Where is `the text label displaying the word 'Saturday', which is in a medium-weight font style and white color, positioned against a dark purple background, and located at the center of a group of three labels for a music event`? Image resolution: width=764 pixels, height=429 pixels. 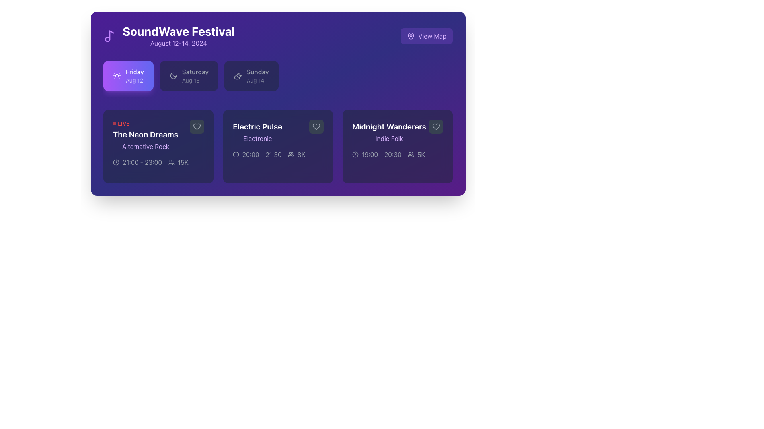 the text label displaying the word 'Saturday', which is in a medium-weight font style and white color, positioned against a dark purple background, and located at the center of a group of three labels for a music event is located at coordinates (195, 72).